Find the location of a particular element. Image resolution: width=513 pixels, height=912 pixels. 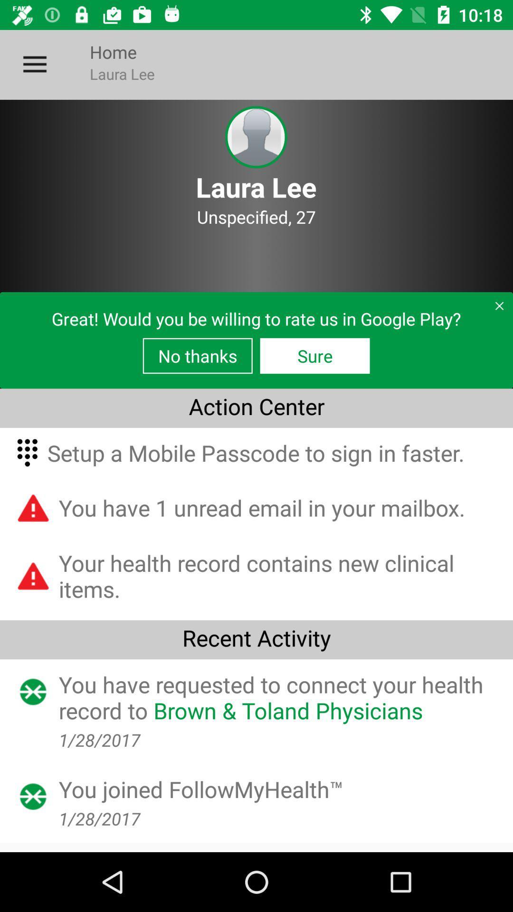

the first icon which is under the text action center is located at coordinates (28, 452).